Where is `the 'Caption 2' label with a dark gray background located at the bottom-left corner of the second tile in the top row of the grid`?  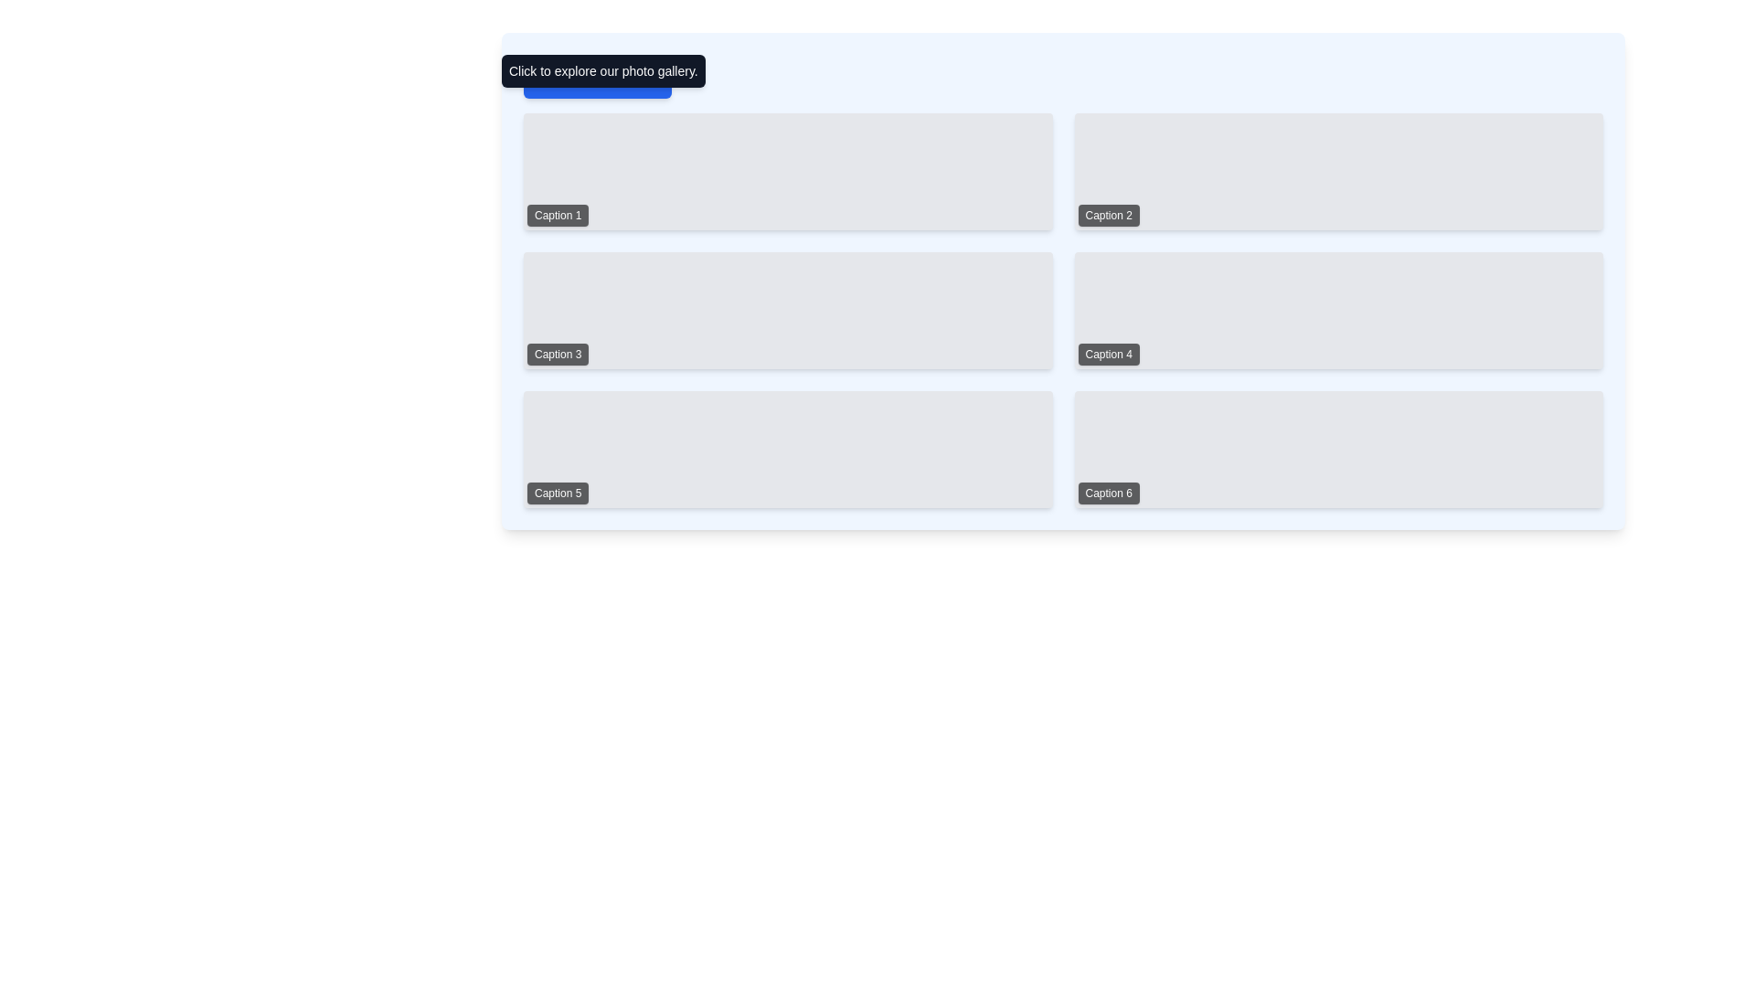
the 'Caption 2' label with a dark gray background located at the bottom-left corner of the second tile in the top row of the grid is located at coordinates (1108, 214).